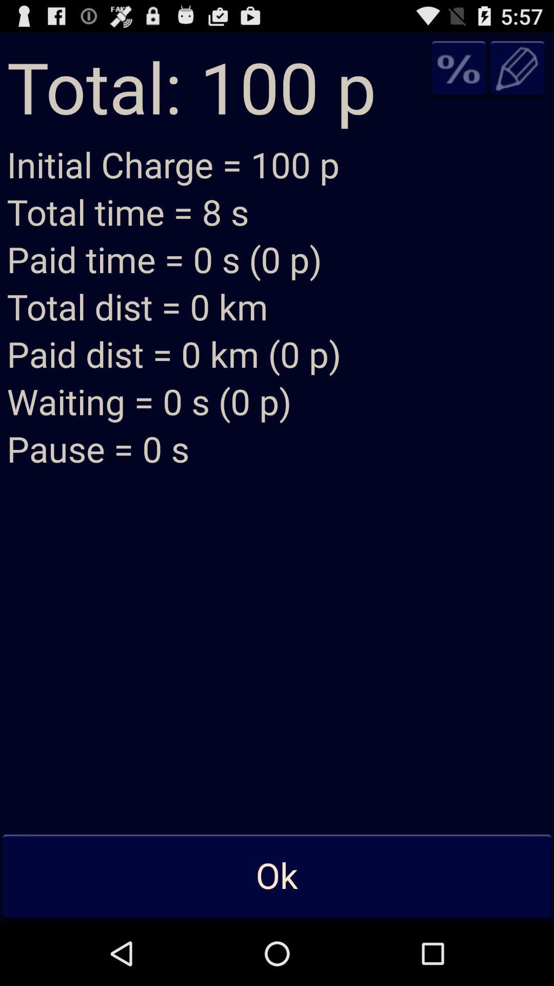  Describe the element at coordinates (458, 68) in the screenshot. I see `icon` at that location.